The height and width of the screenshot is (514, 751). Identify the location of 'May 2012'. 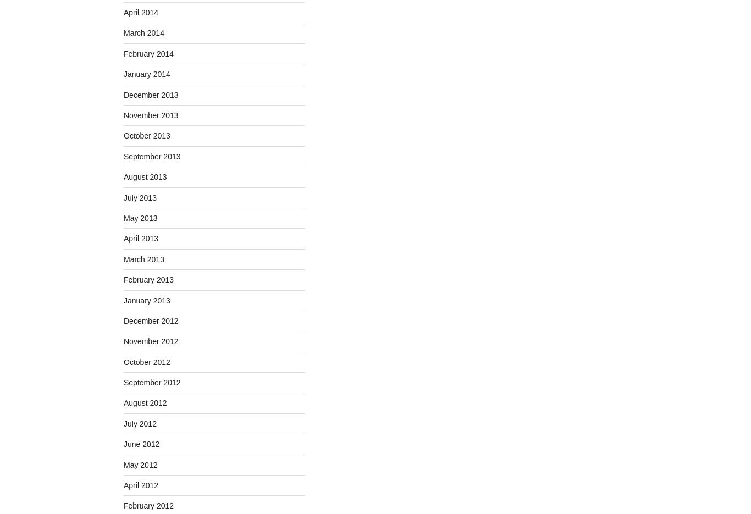
(140, 464).